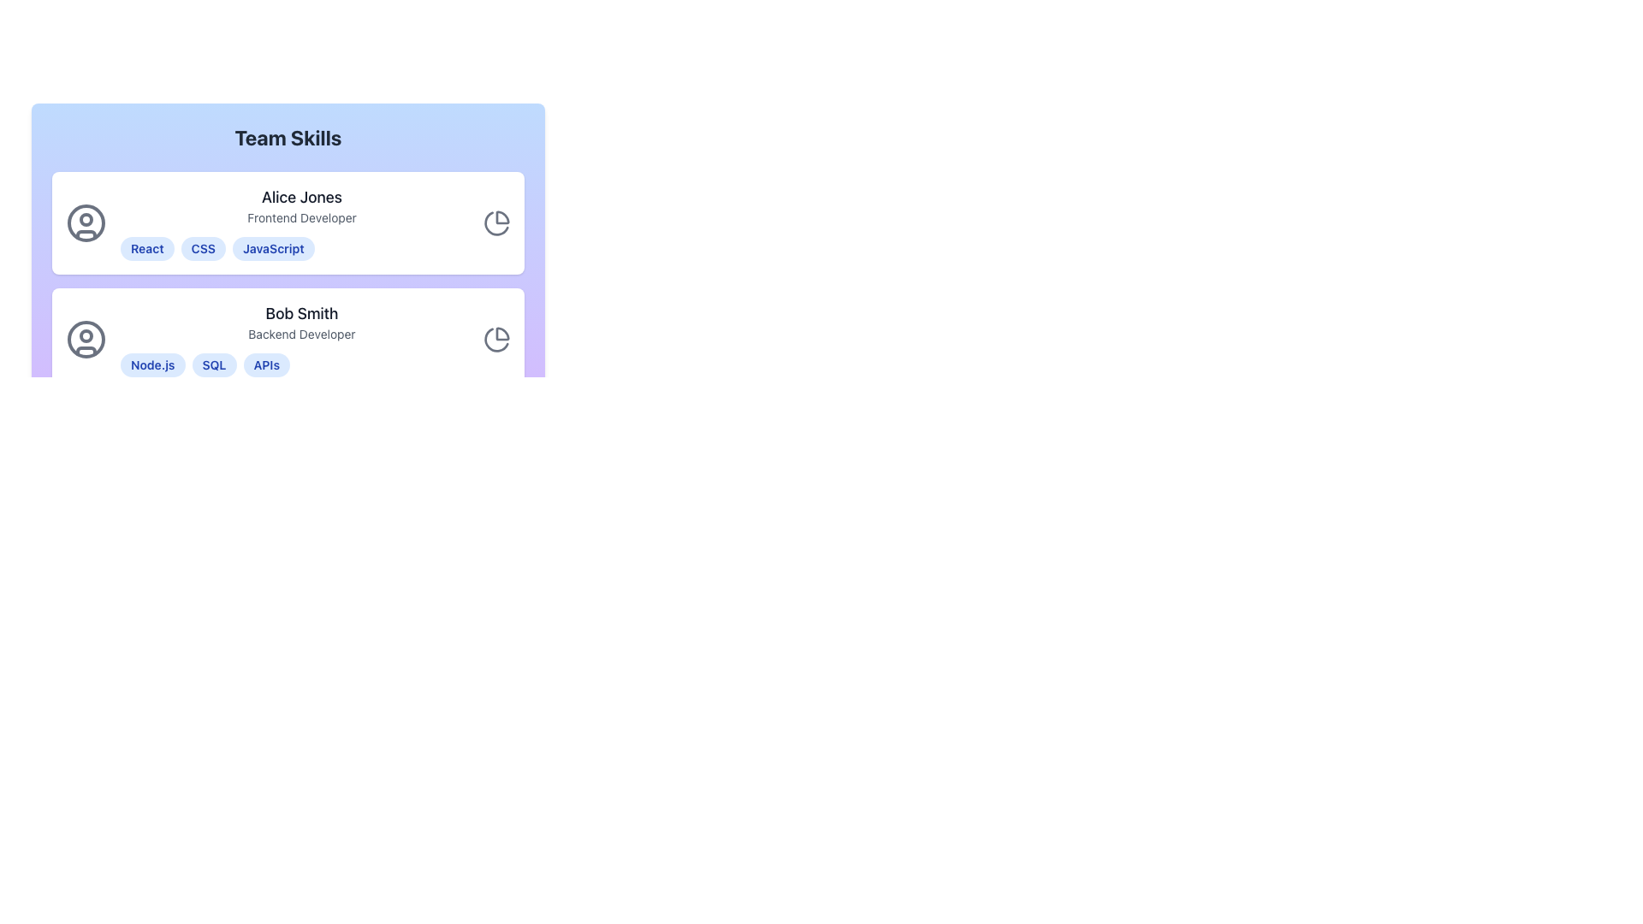 The height and width of the screenshot is (924, 1643). I want to click on the Circle SVG element that highlights the profile image area of 'Bob Smith.', so click(85, 336).